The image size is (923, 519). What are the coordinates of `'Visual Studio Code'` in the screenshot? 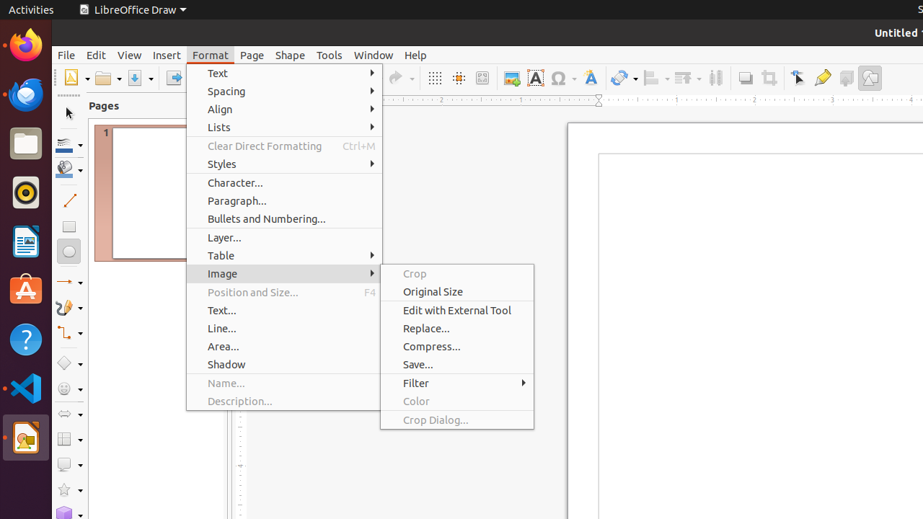 It's located at (25, 387).